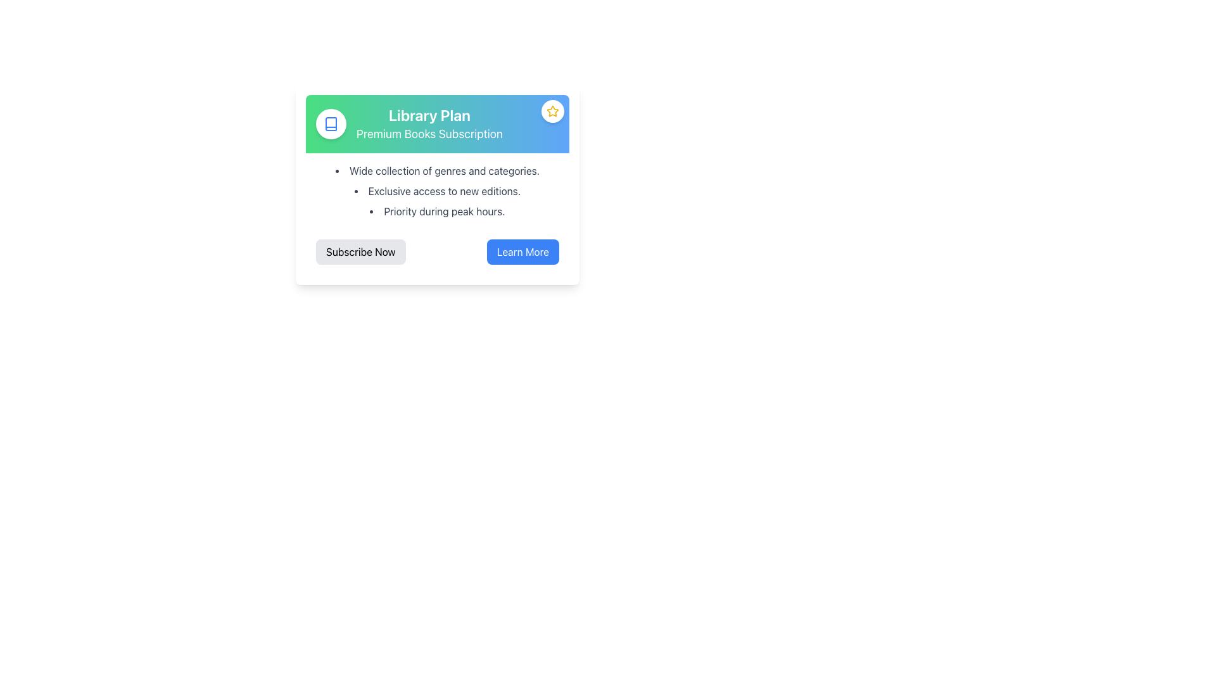 The width and height of the screenshot is (1216, 684). I want to click on the bright yellow star-shaped icon in the top-right corner of the 'Library Plan' card to mark it as favorite, so click(553, 111).